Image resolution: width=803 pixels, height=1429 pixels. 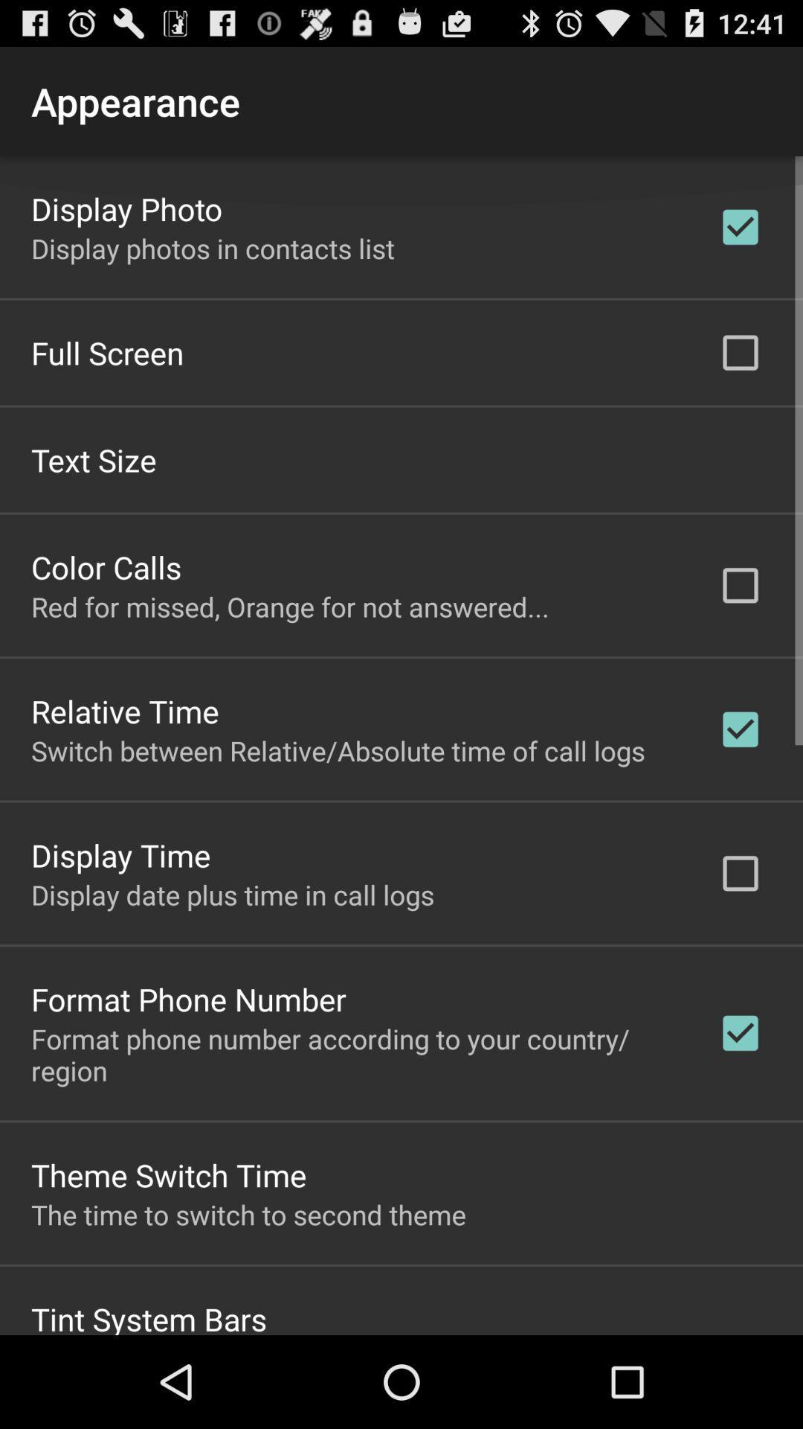 What do you see at coordinates (106, 566) in the screenshot?
I see `color calls icon` at bounding box center [106, 566].